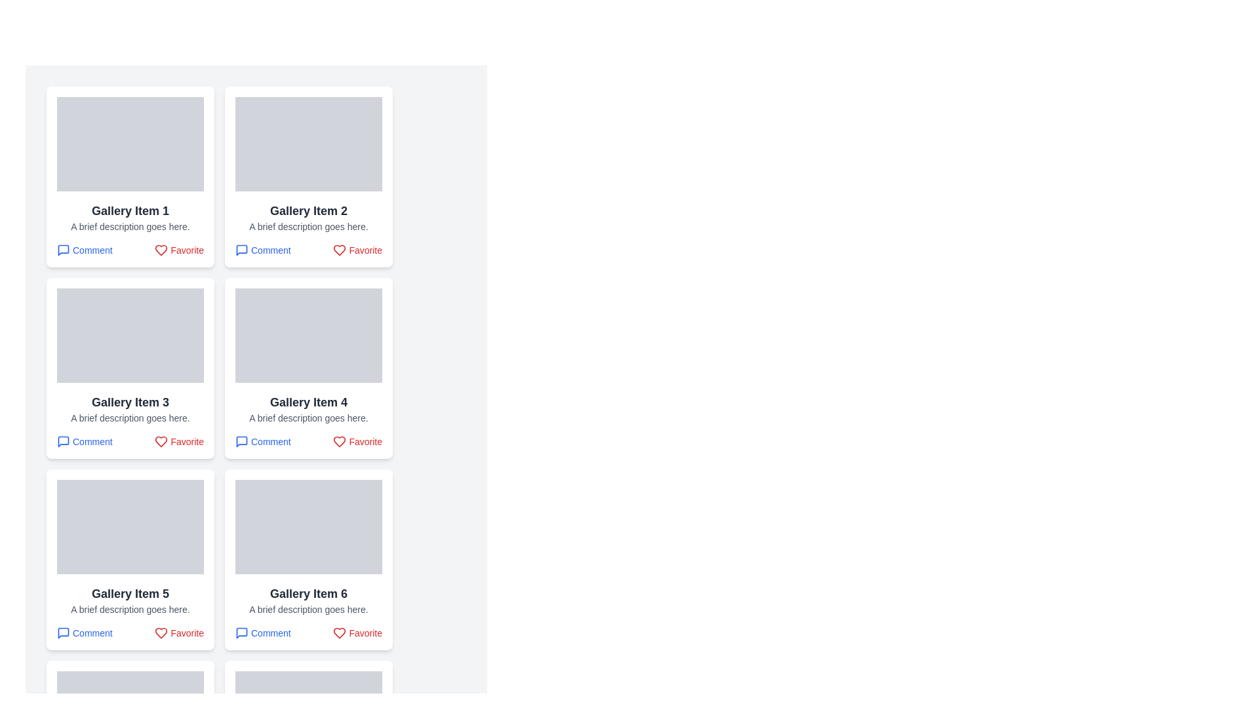 The image size is (1259, 708). What do you see at coordinates (62, 442) in the screenshot?
I see `the comment icon located on the left side of the 'Comment' text link within the 'Gallery Item 3' card in the second row, first column of the grid layout` at bounding box center [62, 442].